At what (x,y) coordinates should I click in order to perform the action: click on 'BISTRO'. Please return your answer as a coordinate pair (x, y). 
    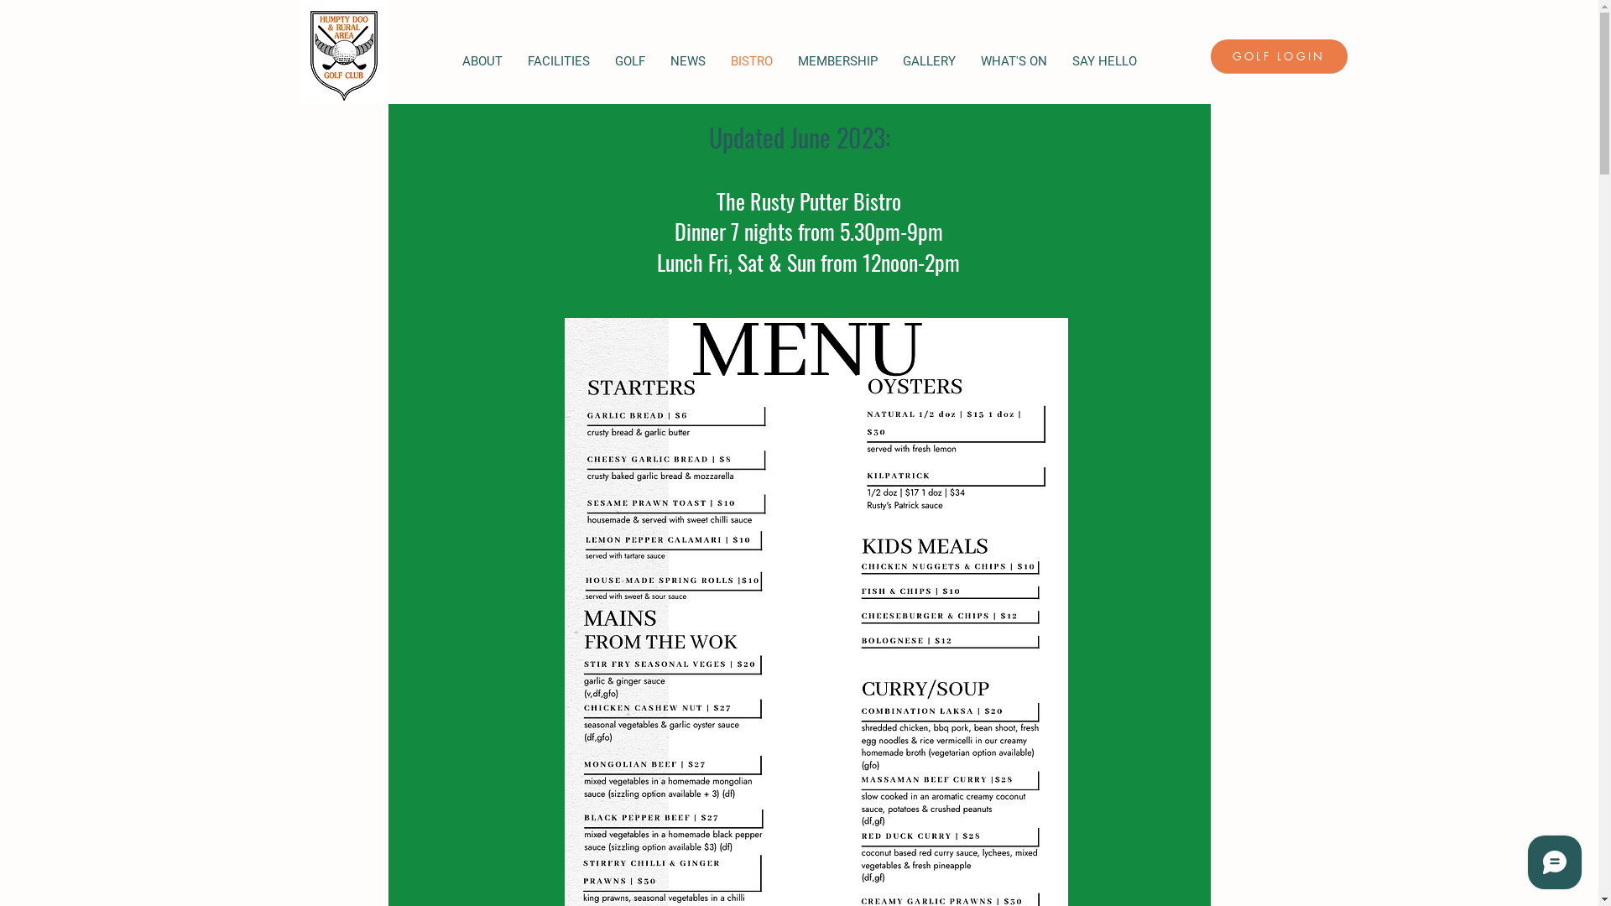
    Looking at the image, I should click on (751, 60).